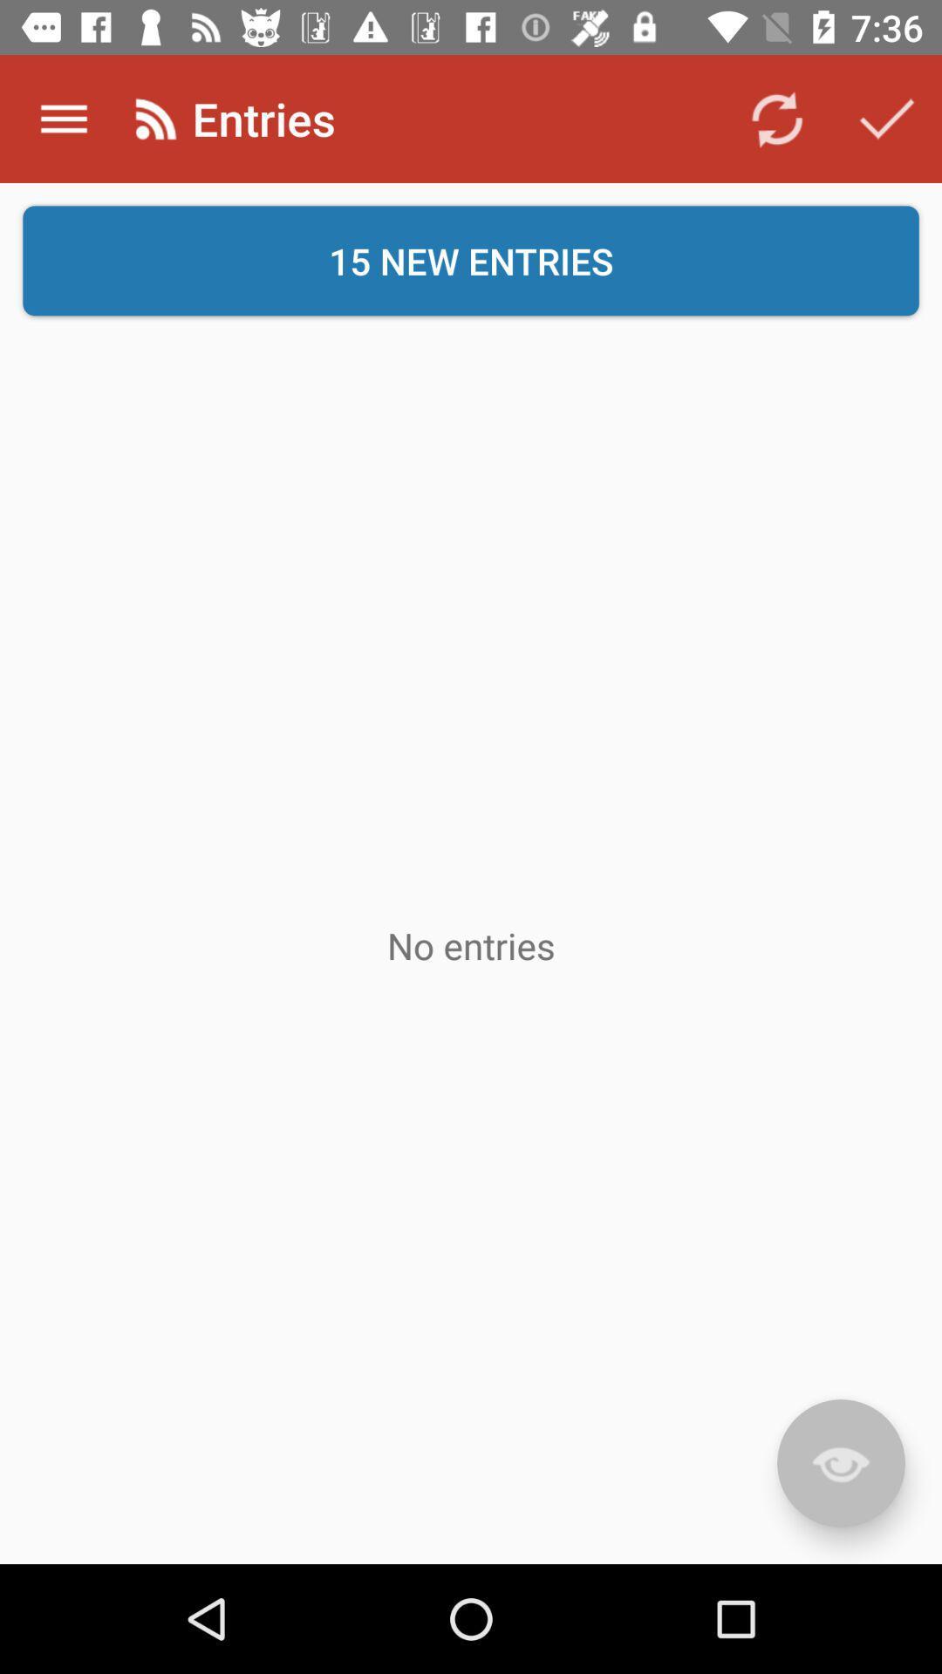 This screenshot has height=1674, width=942. Describe the element at coordinates (63, 118) in the screenshot. I see `the button above 15 new entries item` at that location.